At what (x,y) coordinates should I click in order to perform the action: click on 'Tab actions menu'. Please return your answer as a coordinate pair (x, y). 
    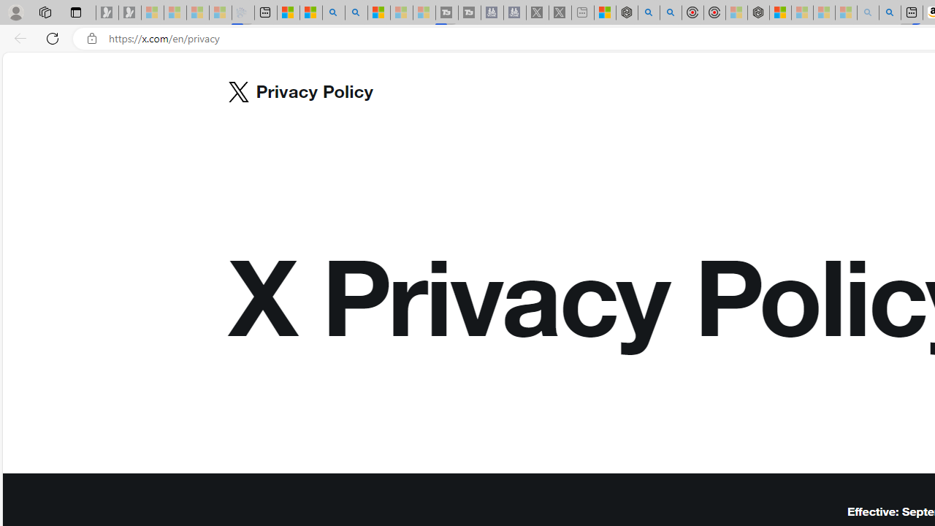
    Looking at the image, I should click on (75, 12).